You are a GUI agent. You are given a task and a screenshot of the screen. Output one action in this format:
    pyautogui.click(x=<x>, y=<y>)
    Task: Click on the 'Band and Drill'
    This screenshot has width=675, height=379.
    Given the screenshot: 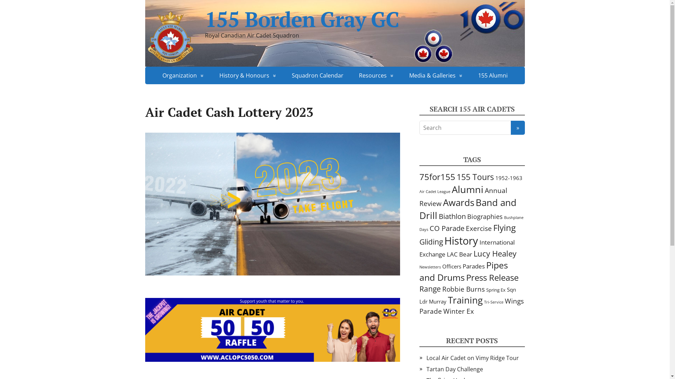 What is the action you would take?
    pyautogui.click(x=467, y=208)
    